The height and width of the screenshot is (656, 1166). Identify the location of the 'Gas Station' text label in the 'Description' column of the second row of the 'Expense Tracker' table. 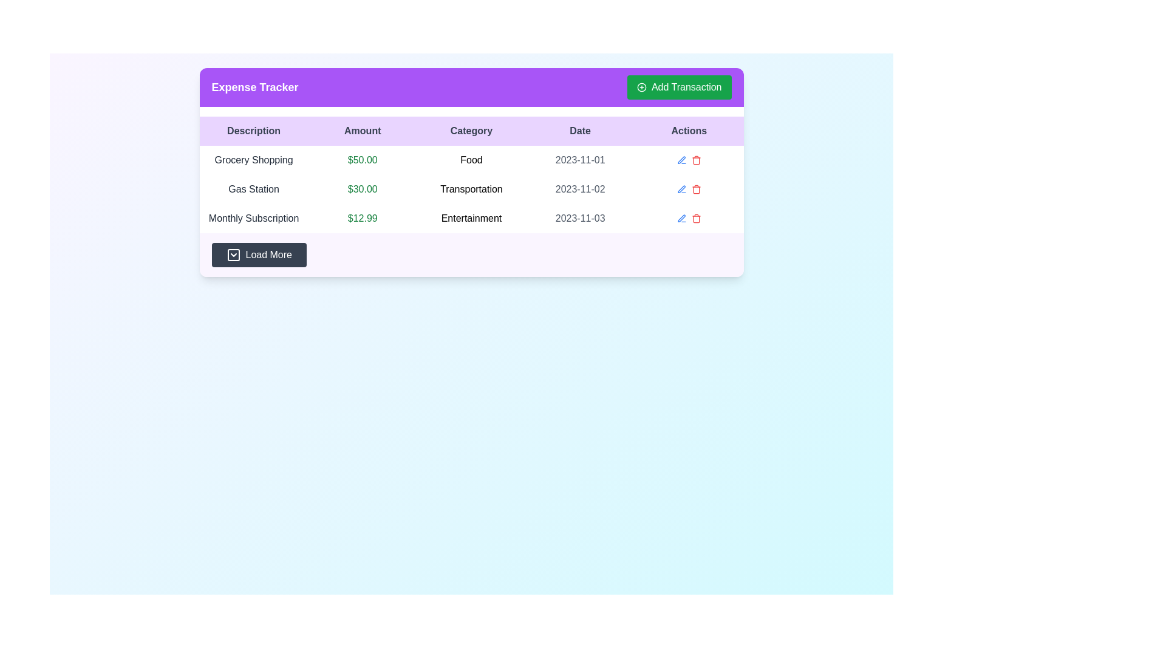
(253, 190).